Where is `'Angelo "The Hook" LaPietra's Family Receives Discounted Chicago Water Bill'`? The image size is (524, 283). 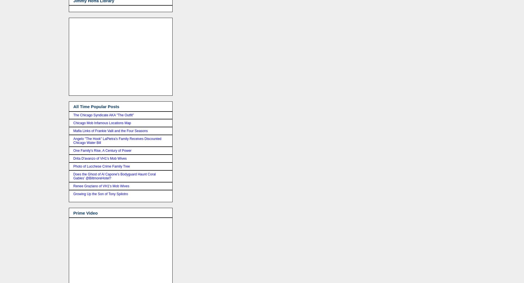
'Angelo "The Hook" LaPietra's Family Receives Discounted Chicago Water Bill' is located at coordinates (117, 140).